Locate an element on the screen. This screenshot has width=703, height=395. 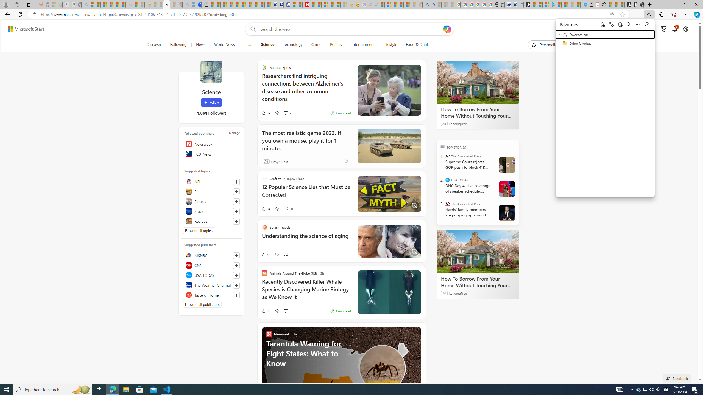
'Action Center, 2 new notifications' is located at coordinates (695, 389).